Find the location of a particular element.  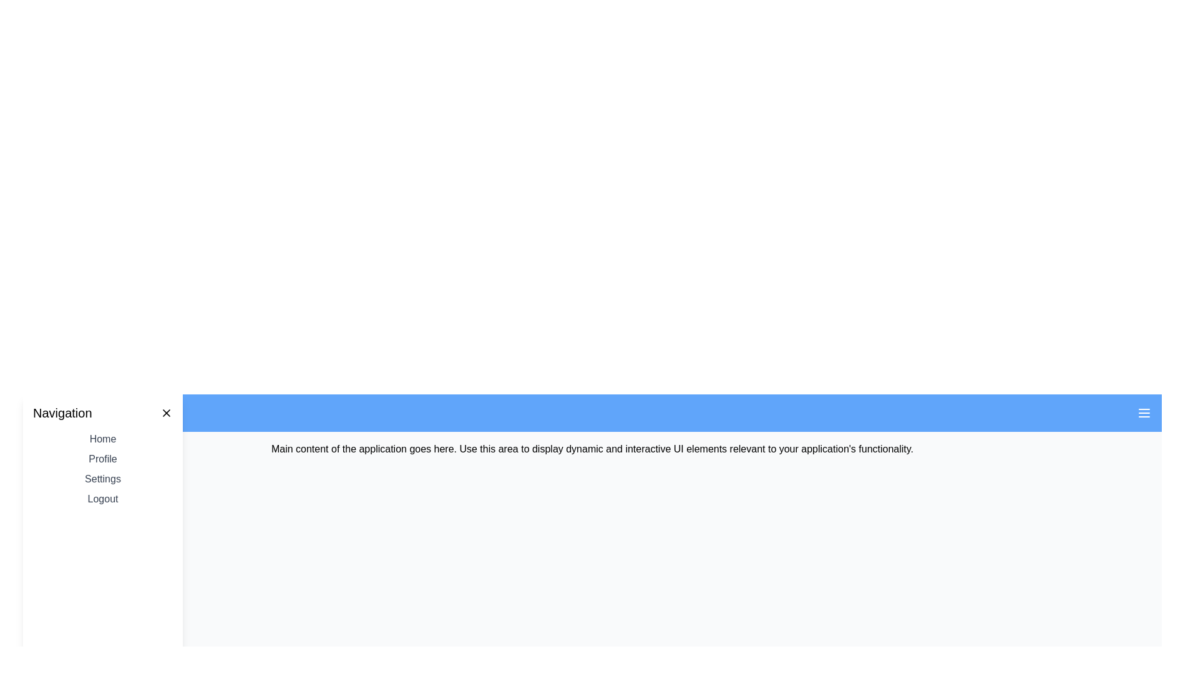

the navigation link located at the top of the left navigation menu is located at coordinates (102, 439).